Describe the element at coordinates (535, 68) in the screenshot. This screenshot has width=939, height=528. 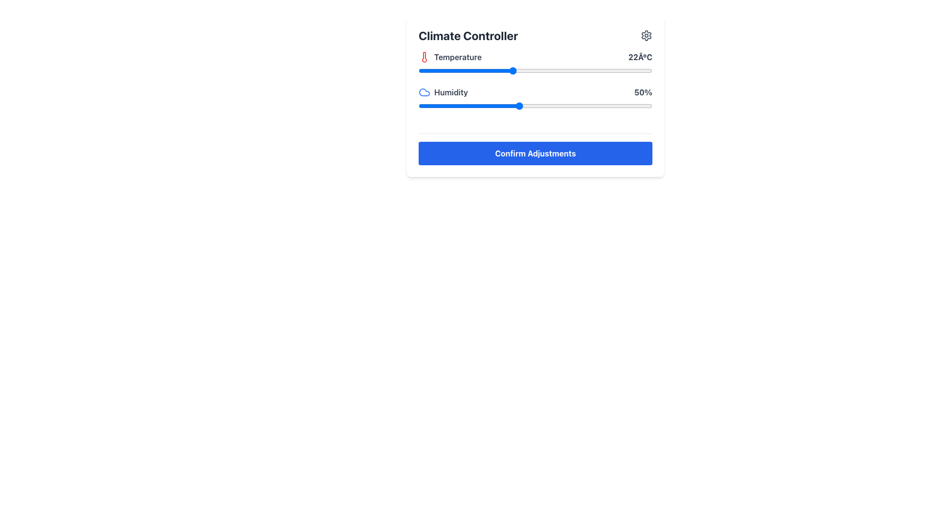
I see `the interactive temperature slider component, which displays a thermometer icon on the left and the temperature value '22°C' on the right, located below the 'Climate Controller' heading` at that location.